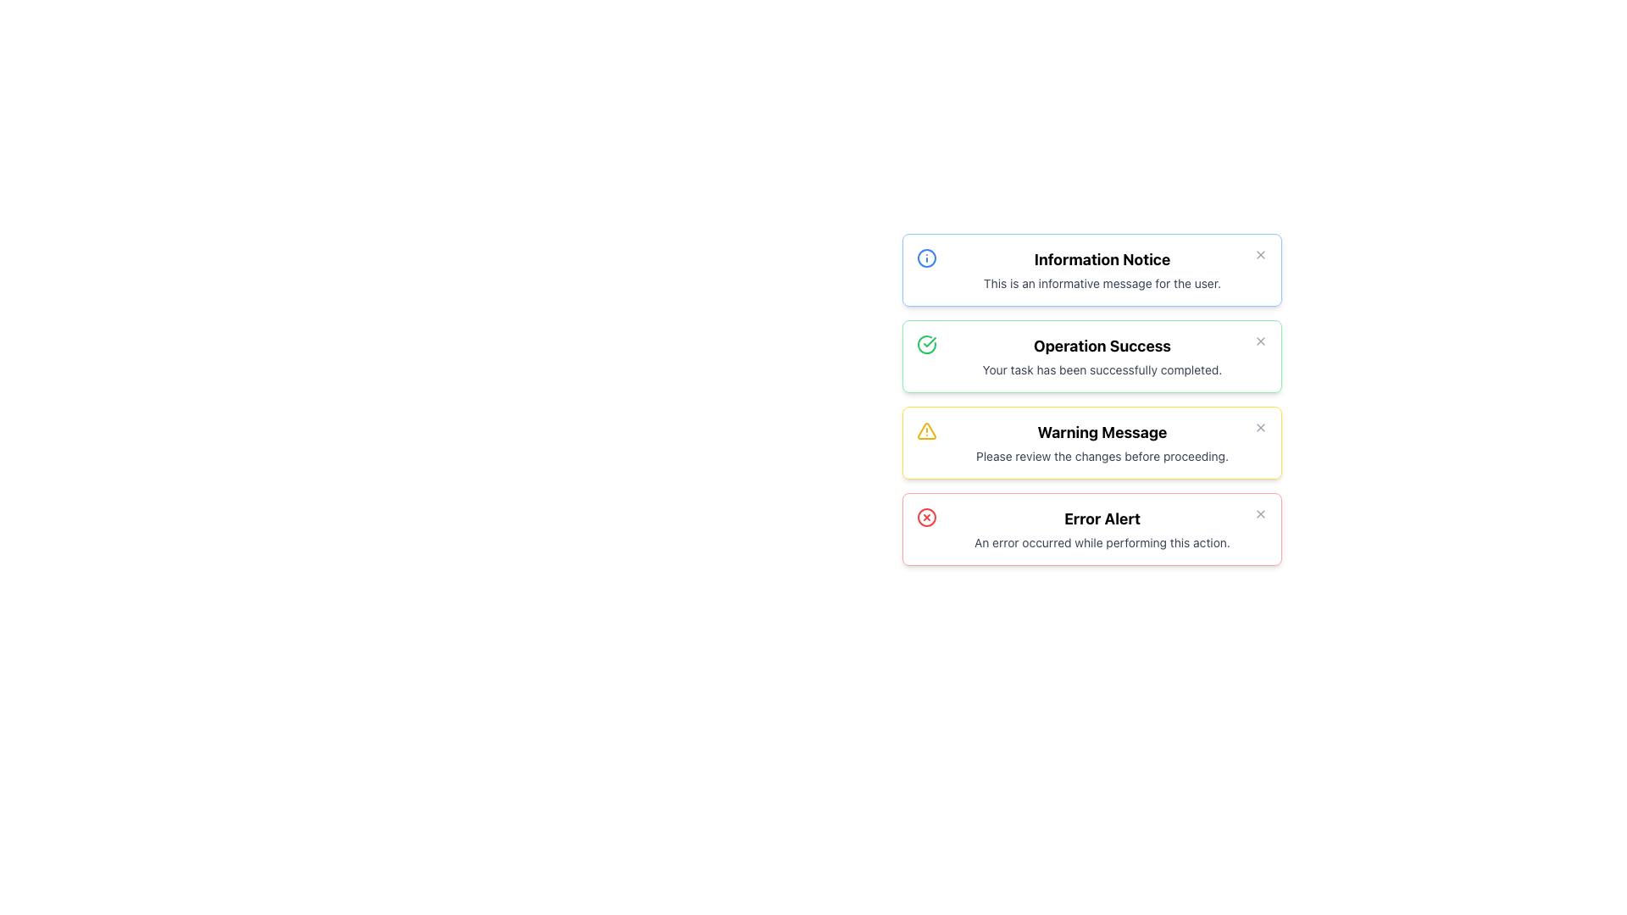 The height and width of the screenshot is (915, 1627). What do you see at coordinates (1261, 513) in the screenshot?
I see `the dismiss button represented by an 'X' icon located at the top-right corner of the red-bordered 'Error Alert' notification box` at bounding box center [1261, 513].